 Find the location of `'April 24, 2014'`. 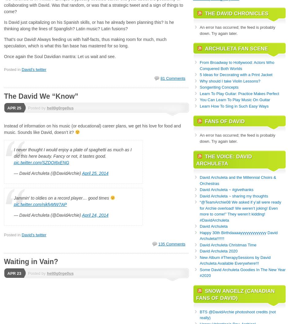

'April 24, 2014' is located at coordinates (95, 214).